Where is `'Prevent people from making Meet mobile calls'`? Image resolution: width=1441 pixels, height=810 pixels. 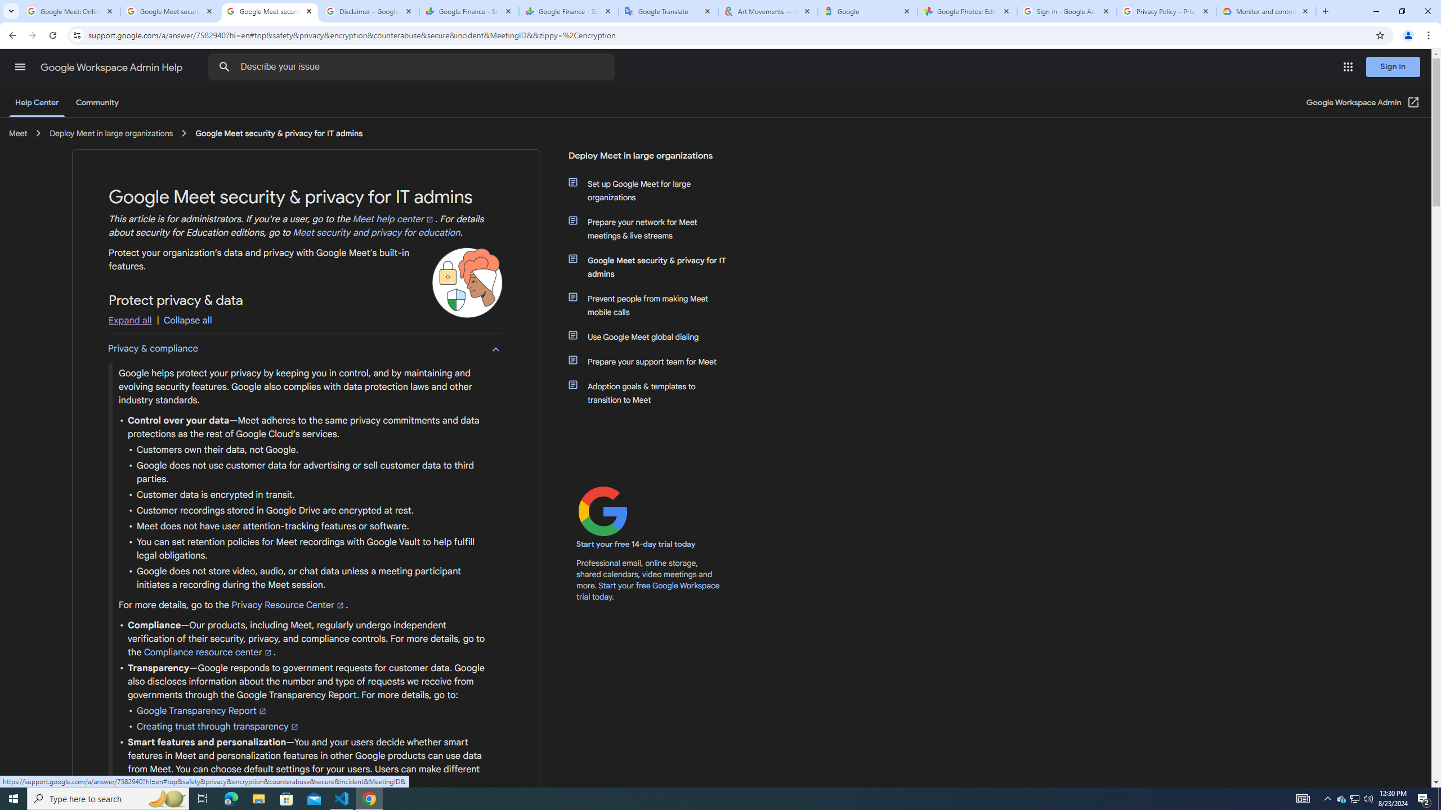 'Prevent people from making Meet mobile calls' is located at coordinates (654, 304).